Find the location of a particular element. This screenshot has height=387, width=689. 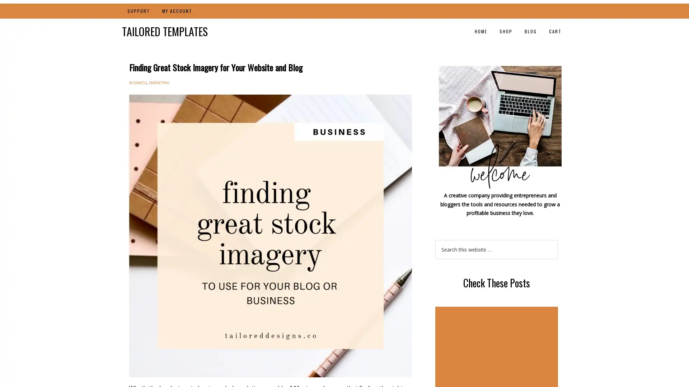

Search is located at coordinates (557, 239).